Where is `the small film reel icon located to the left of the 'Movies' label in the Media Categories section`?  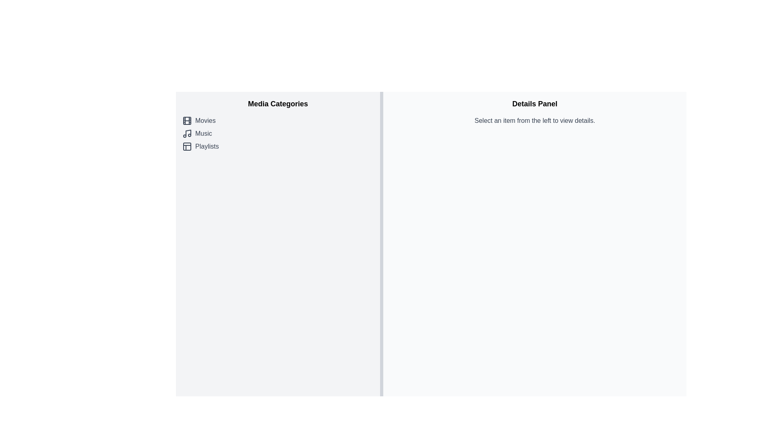 the small film reel icon located to the left of the 'Movies' label in the Media Categories section is located at coordinates (187, 121).